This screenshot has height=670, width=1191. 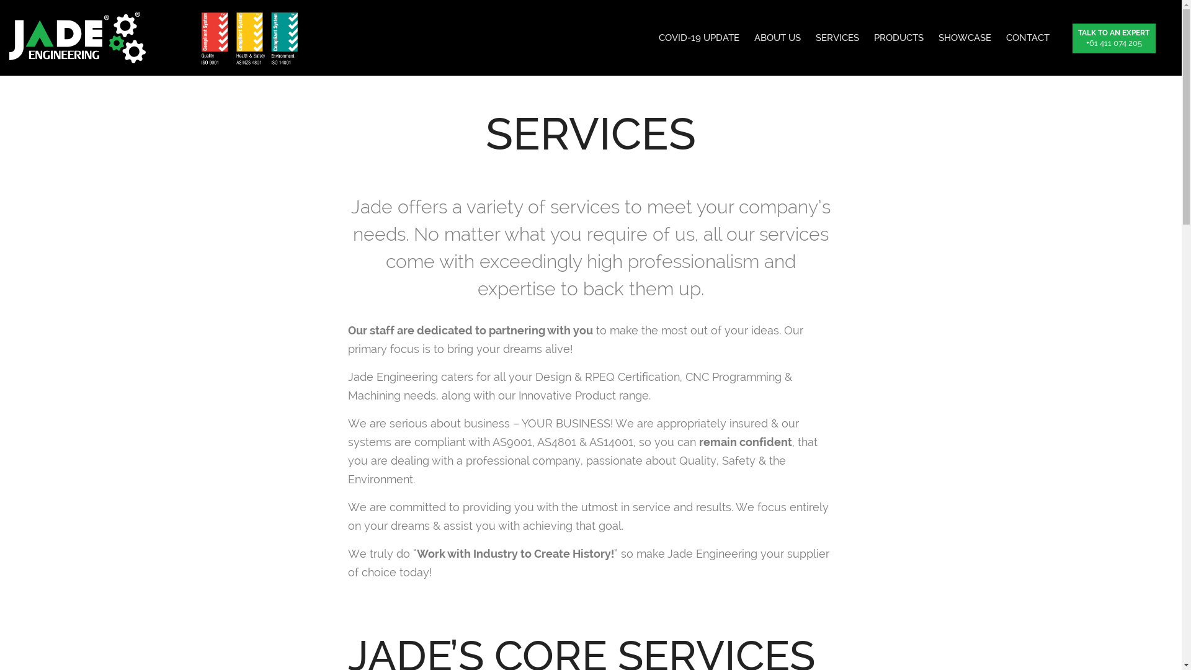 What do you see at coordinates (865, 37) in the screenshot?
I see `'PRODUCTS'` at bounding box center [865, 37].